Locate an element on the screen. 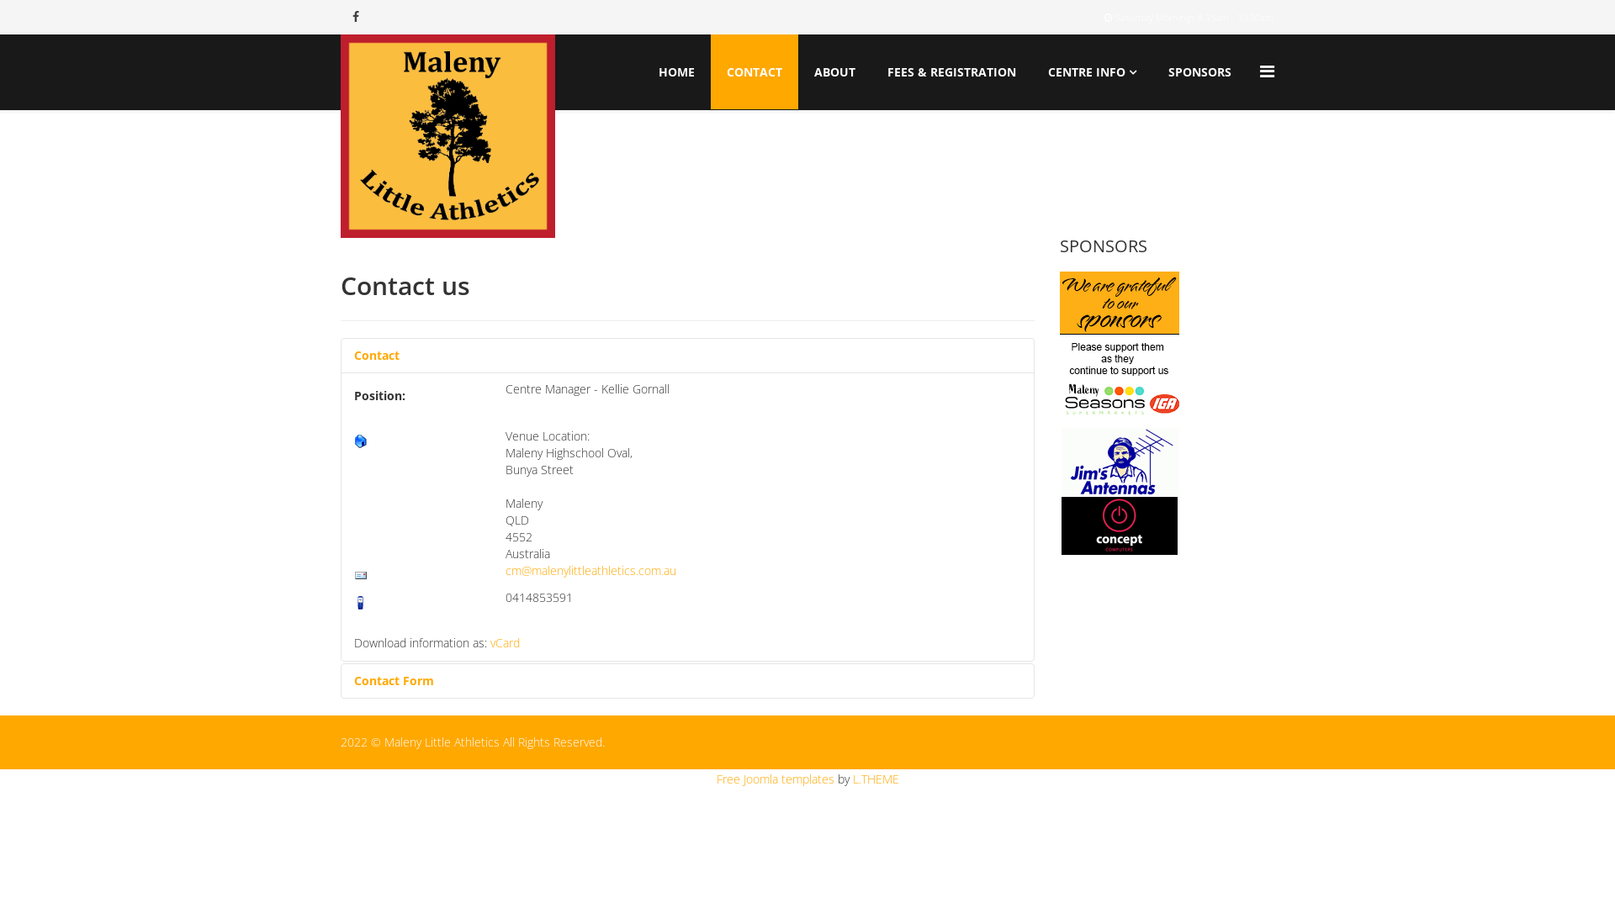 The image size is (1615, 908). 'HOME' is located at coordinates (676, 71).